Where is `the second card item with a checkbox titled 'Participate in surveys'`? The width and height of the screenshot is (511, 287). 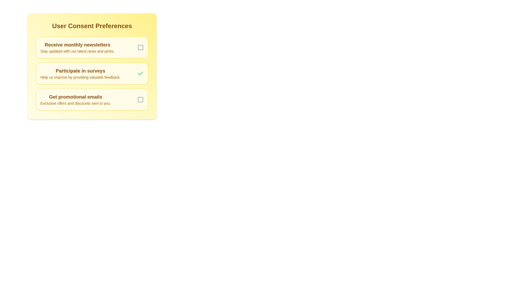
the second card item with a checkbox titled 'Participate in surveys' is located at coordinates (92, 74).